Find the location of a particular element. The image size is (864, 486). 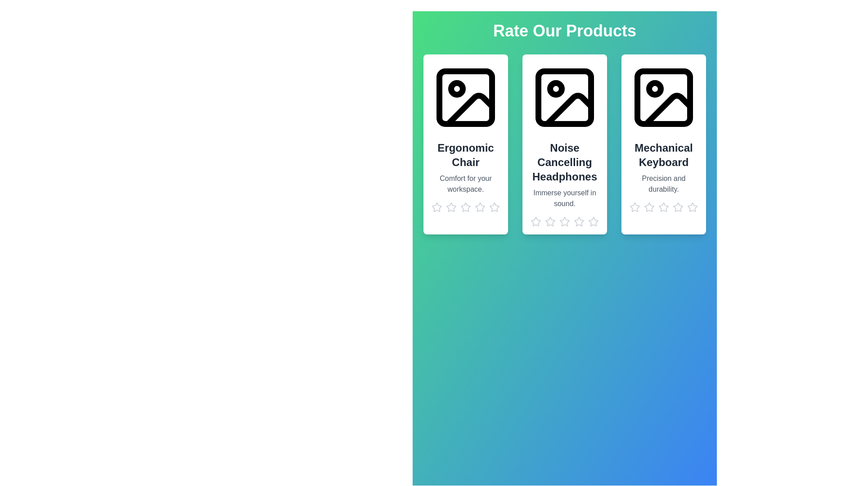

the description of the product Noise Cancelling Headphones is located at coordinates (564, 198).